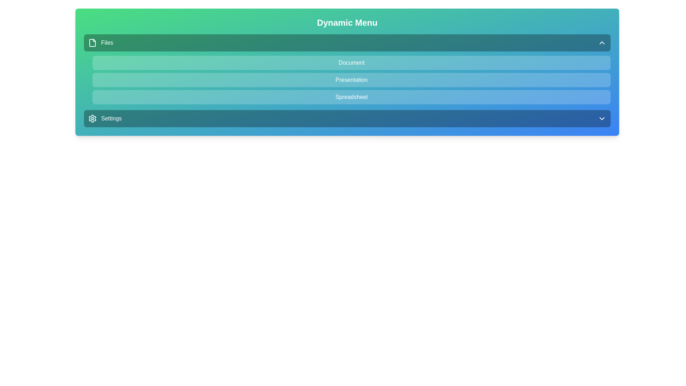 The width and height of the screenshot is (686, 386). I want to click on the 'Document' menu item located directly below the 'Files' header in the vertical list of options, so click(351, 63).